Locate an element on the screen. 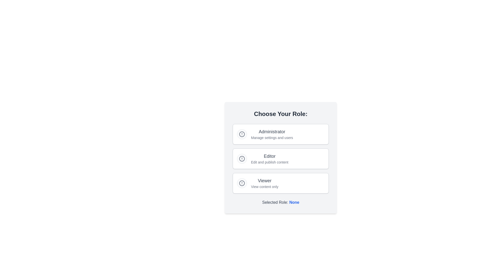 The width and height of the screenshot is (480, 270). the button is located at coordinates (281, 159).